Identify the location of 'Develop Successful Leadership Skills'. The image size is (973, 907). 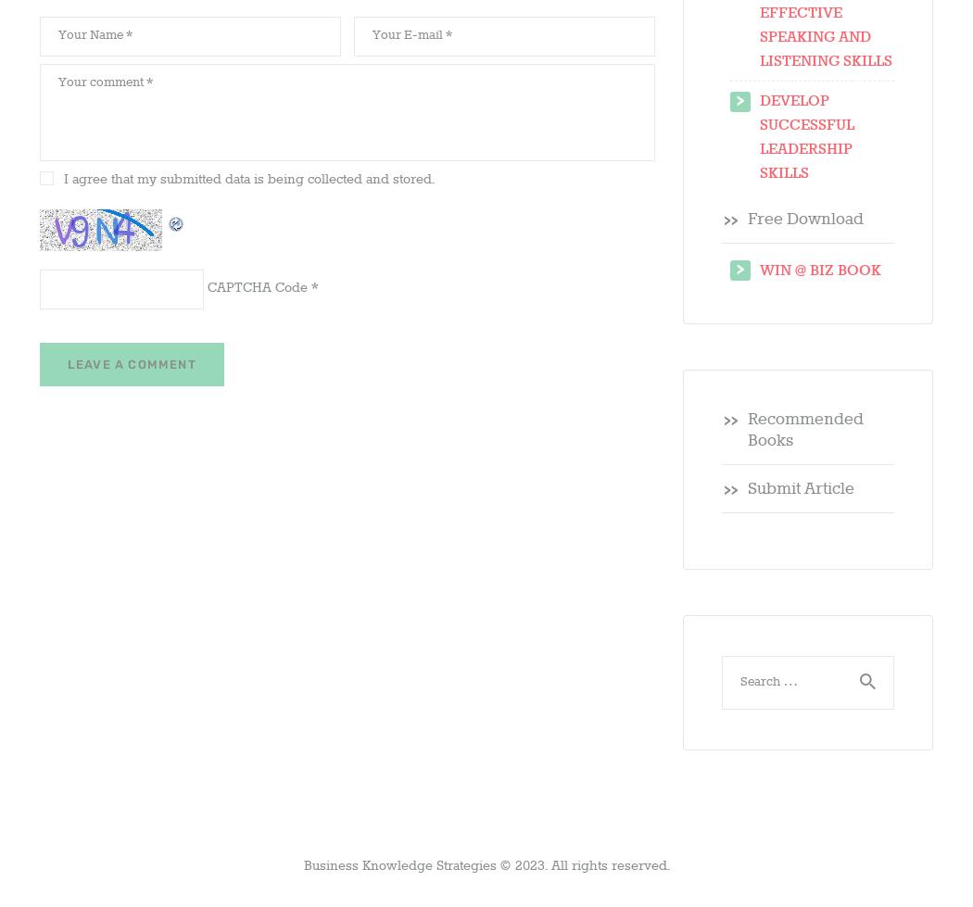
(805, 137).